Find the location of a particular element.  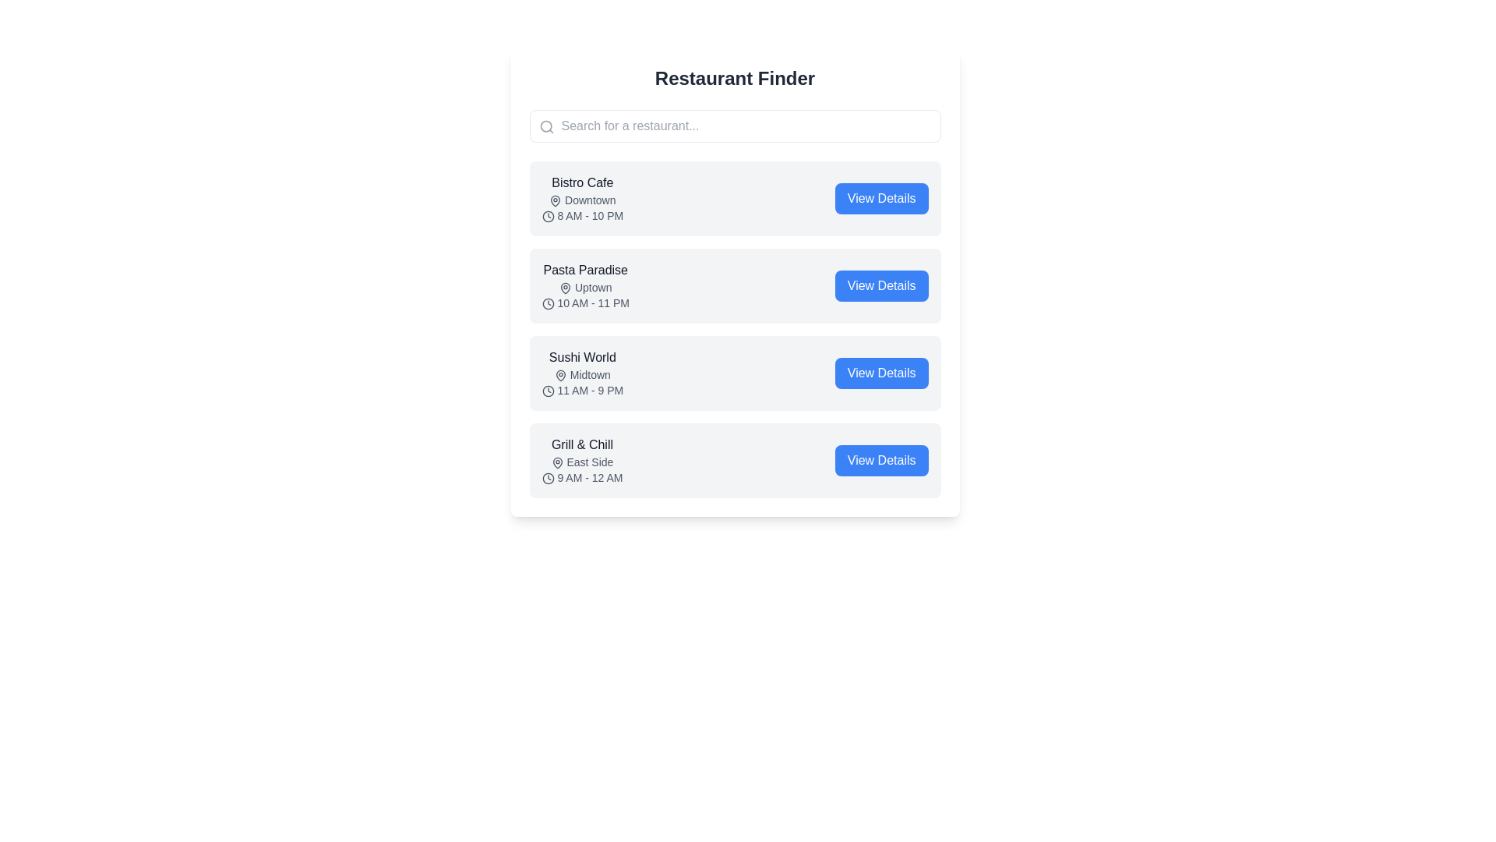

the pin-shaped icon representing a location next to the text 'Midtown' in the 'Sushi World' card is located at coordinates (560, 376).